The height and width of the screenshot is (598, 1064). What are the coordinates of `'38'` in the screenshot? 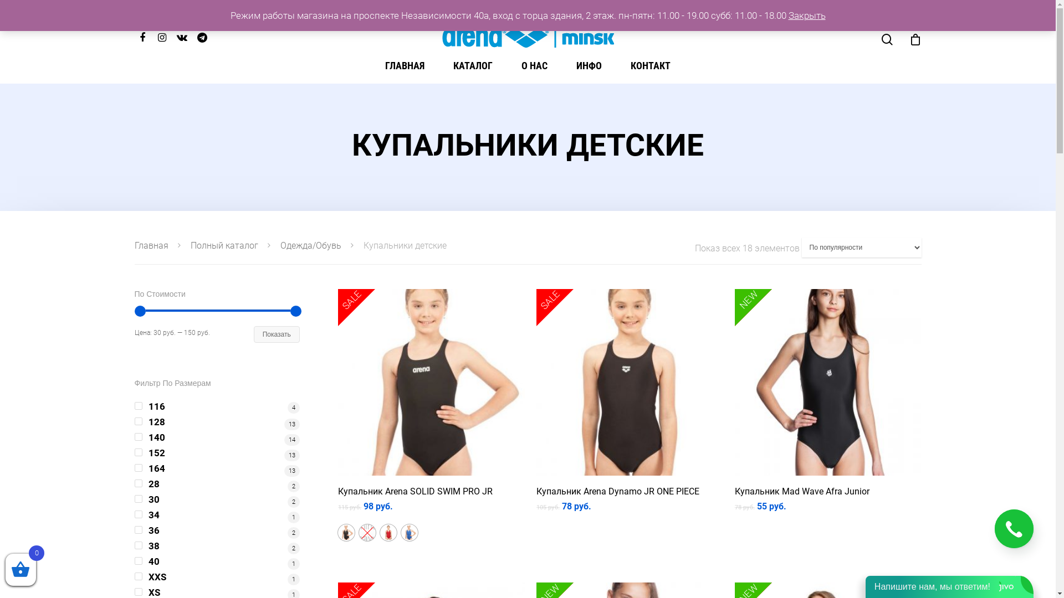 It's located at (133, 545).